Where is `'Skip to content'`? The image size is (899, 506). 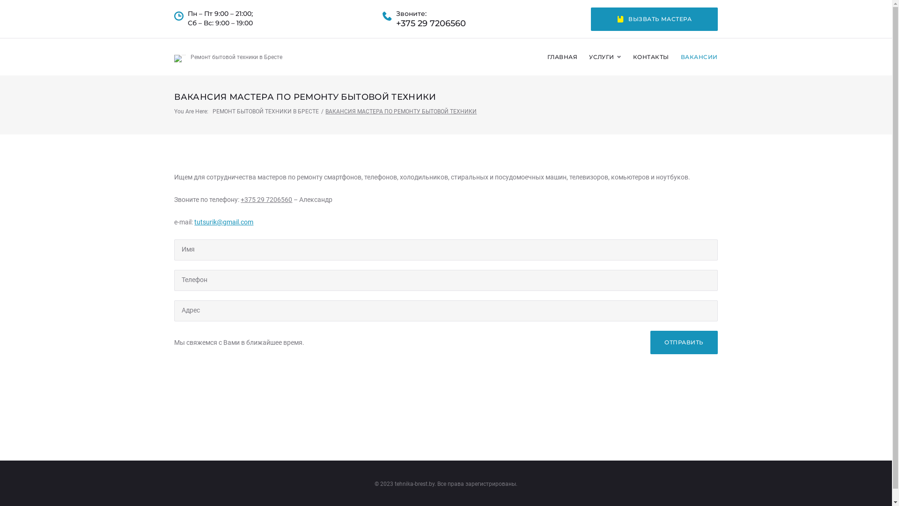 'Skip to content' is located at coordinates (0, 0).